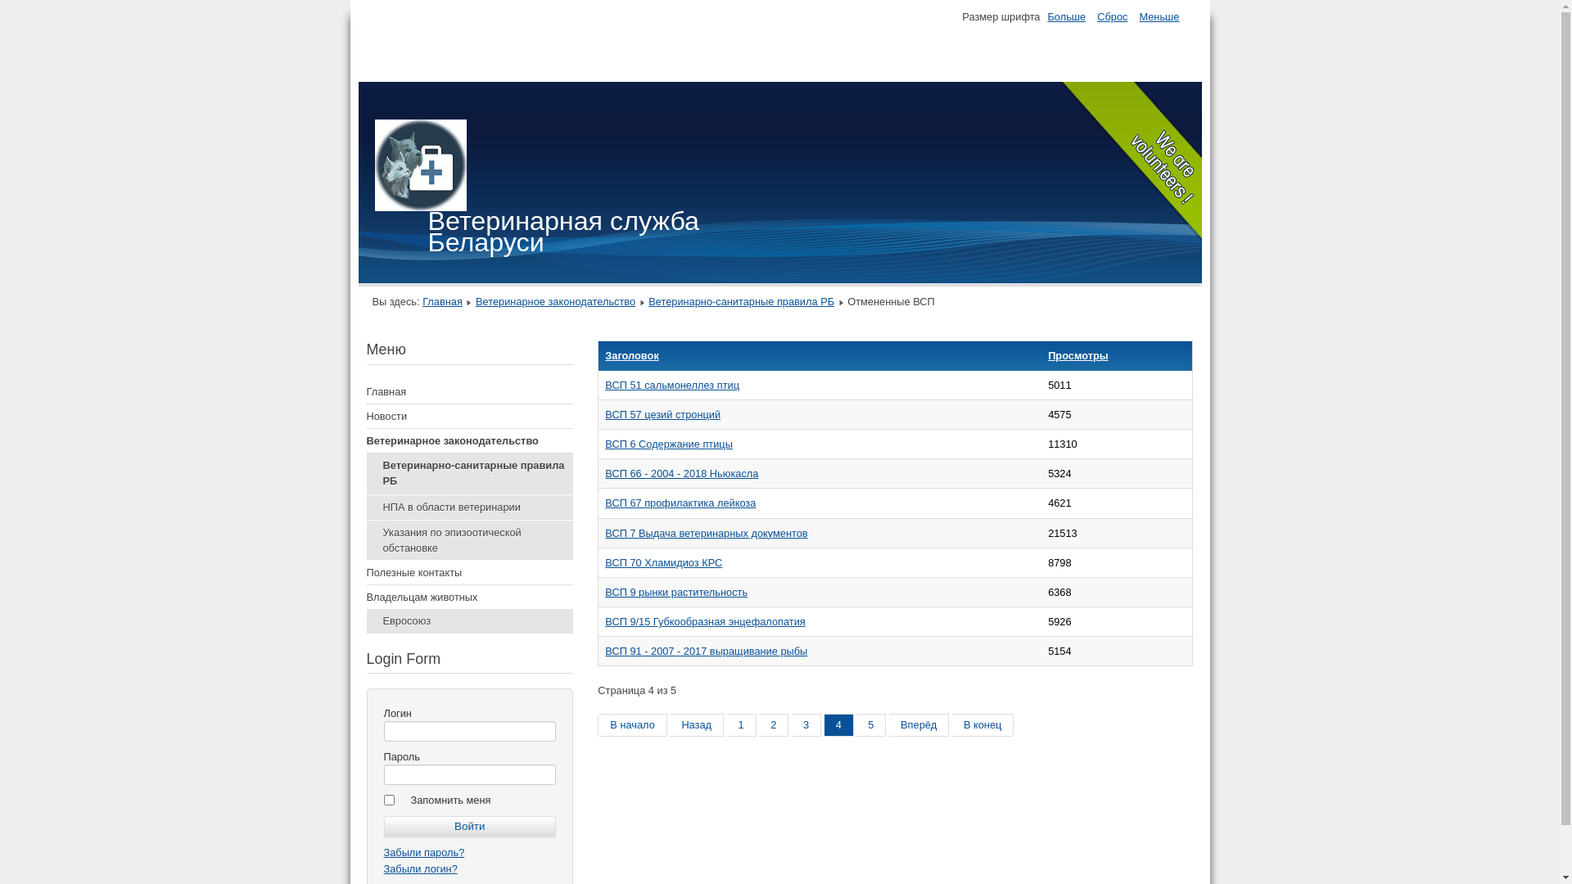  What do you see at coordinates (773, 724) in the screenshot?
I see `'2'` at bounding box center [773, 724].